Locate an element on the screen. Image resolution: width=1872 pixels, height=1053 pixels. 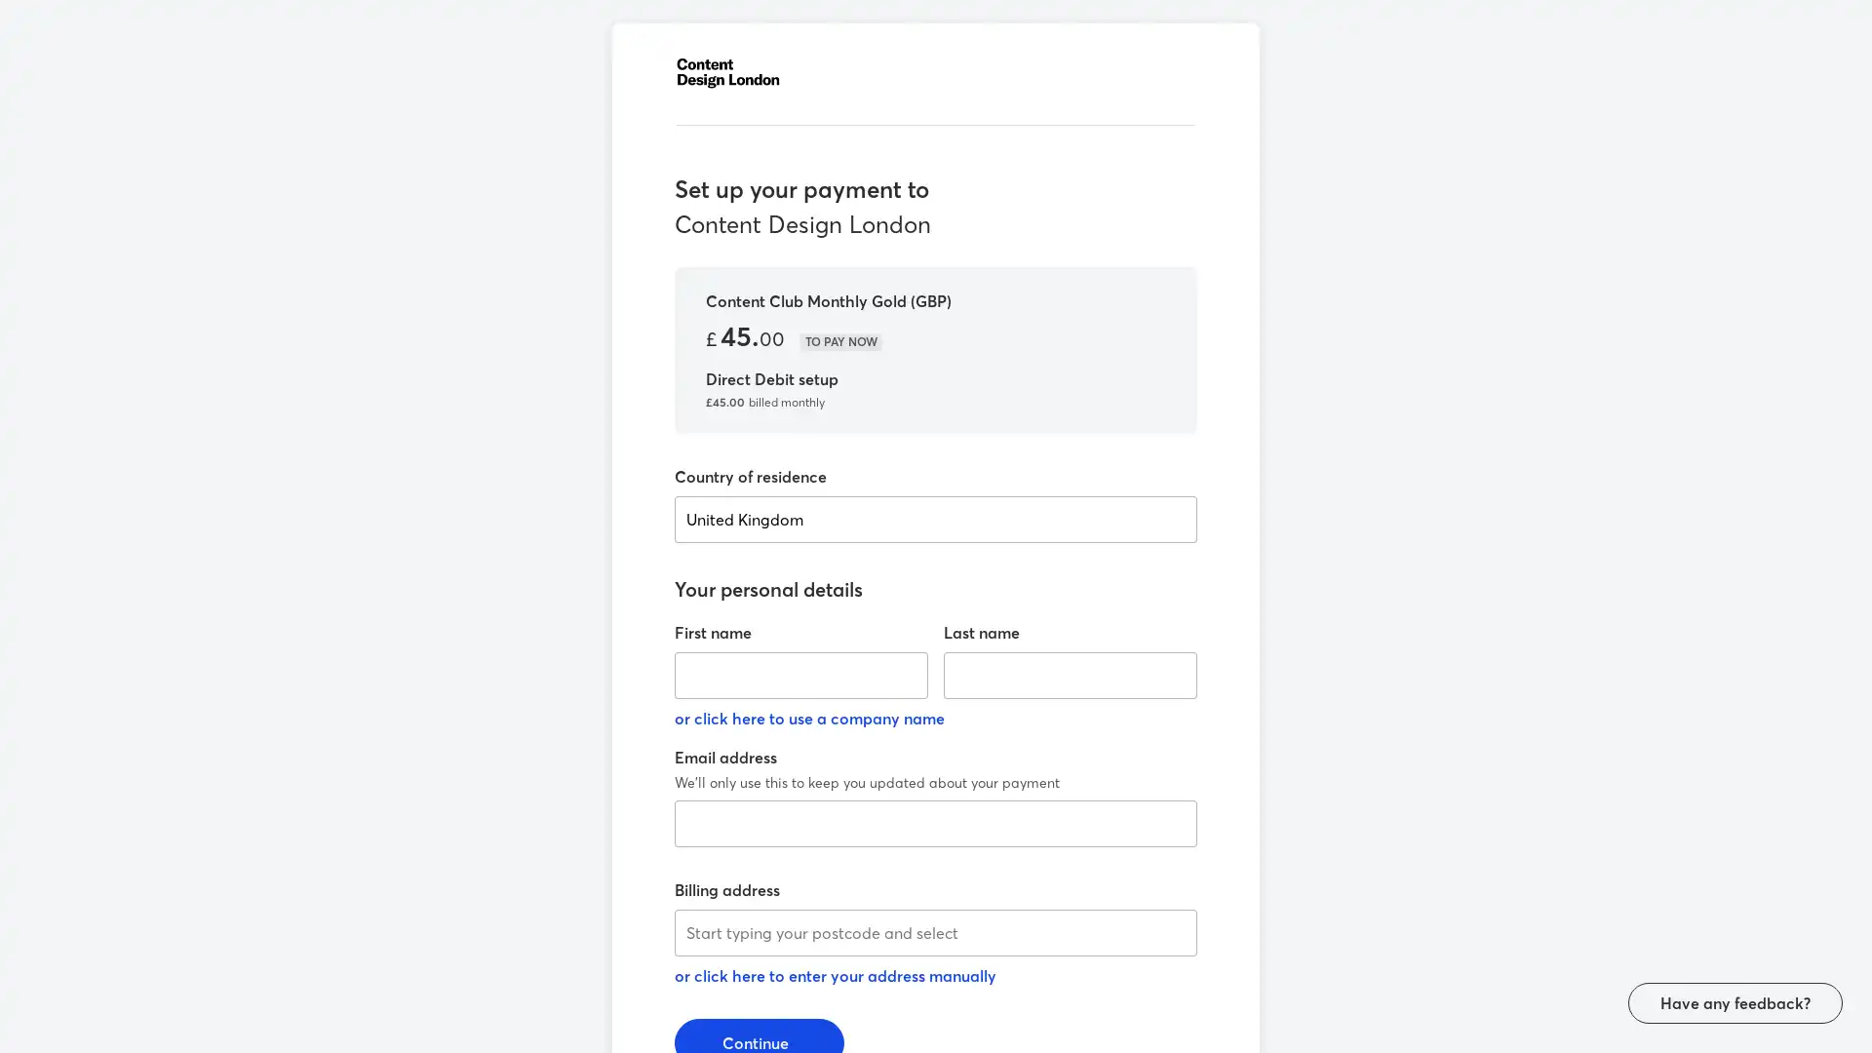
or click here to enter your address manually is located at coordinates (836, 976).